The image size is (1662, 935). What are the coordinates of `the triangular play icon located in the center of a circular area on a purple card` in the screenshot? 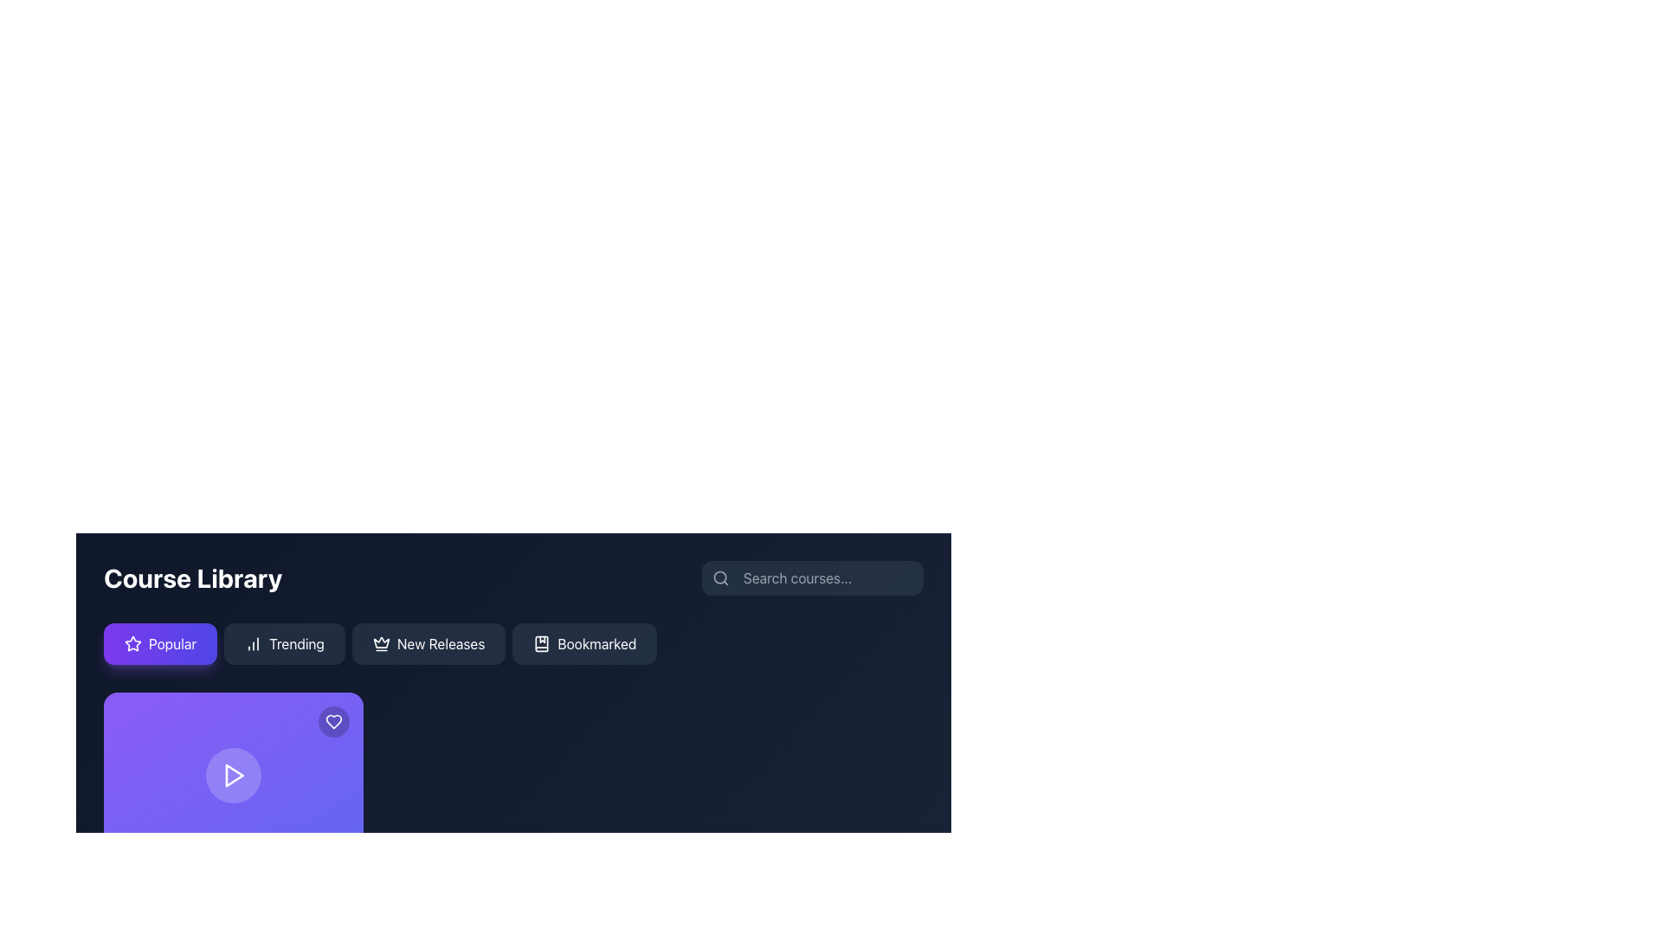 It's located at (232, 774).